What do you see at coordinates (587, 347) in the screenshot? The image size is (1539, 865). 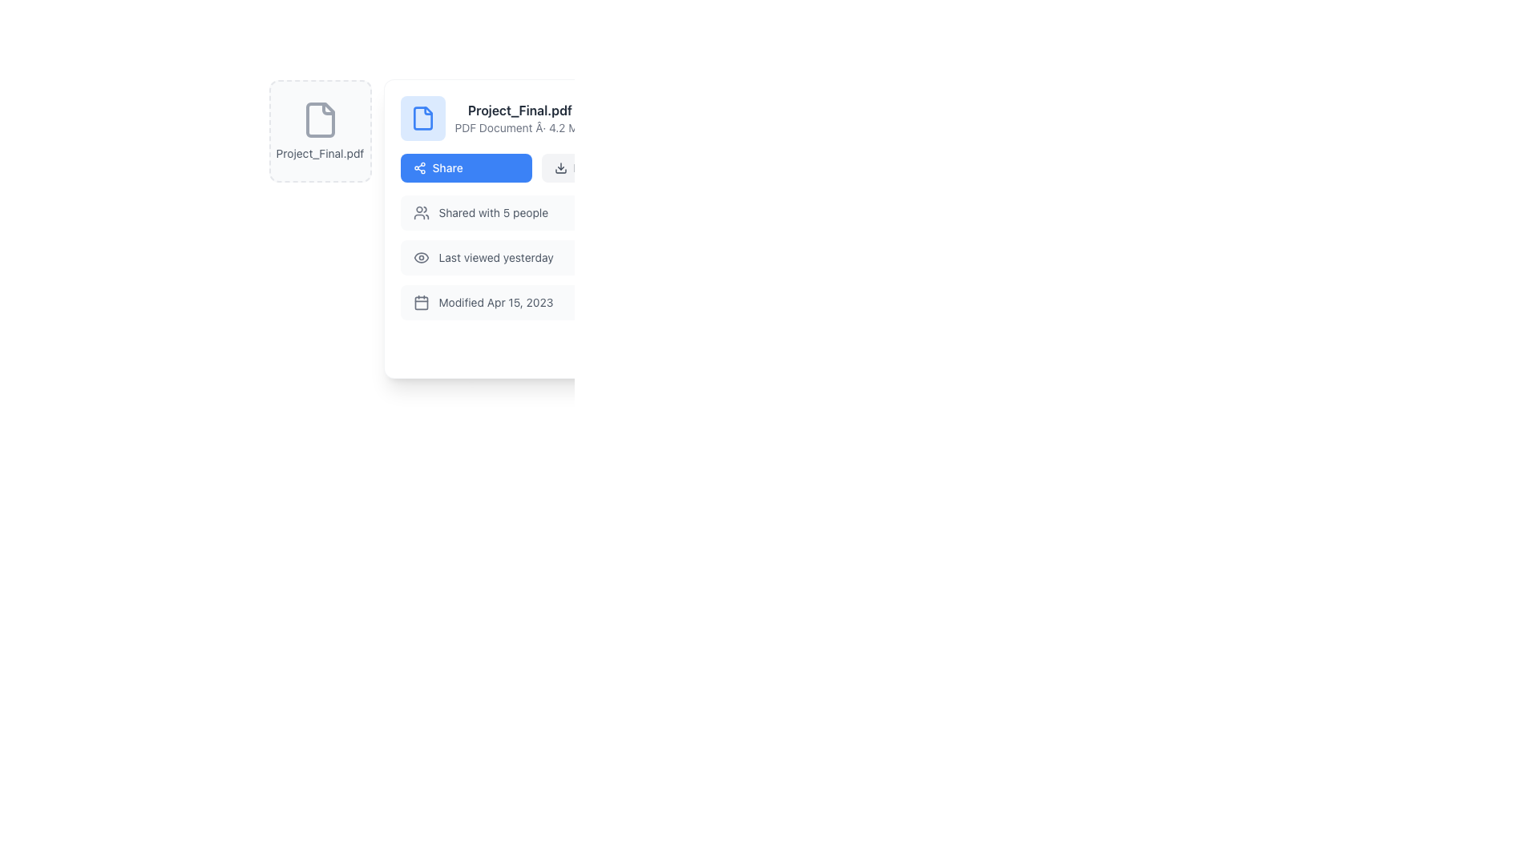 I see `the circular button with a light-gray background and a pen-shaped symbol` at bounding box center [587, 347].